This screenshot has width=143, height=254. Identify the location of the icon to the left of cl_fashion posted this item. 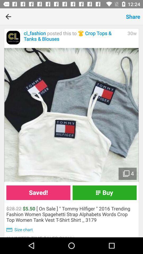
(13, 37).